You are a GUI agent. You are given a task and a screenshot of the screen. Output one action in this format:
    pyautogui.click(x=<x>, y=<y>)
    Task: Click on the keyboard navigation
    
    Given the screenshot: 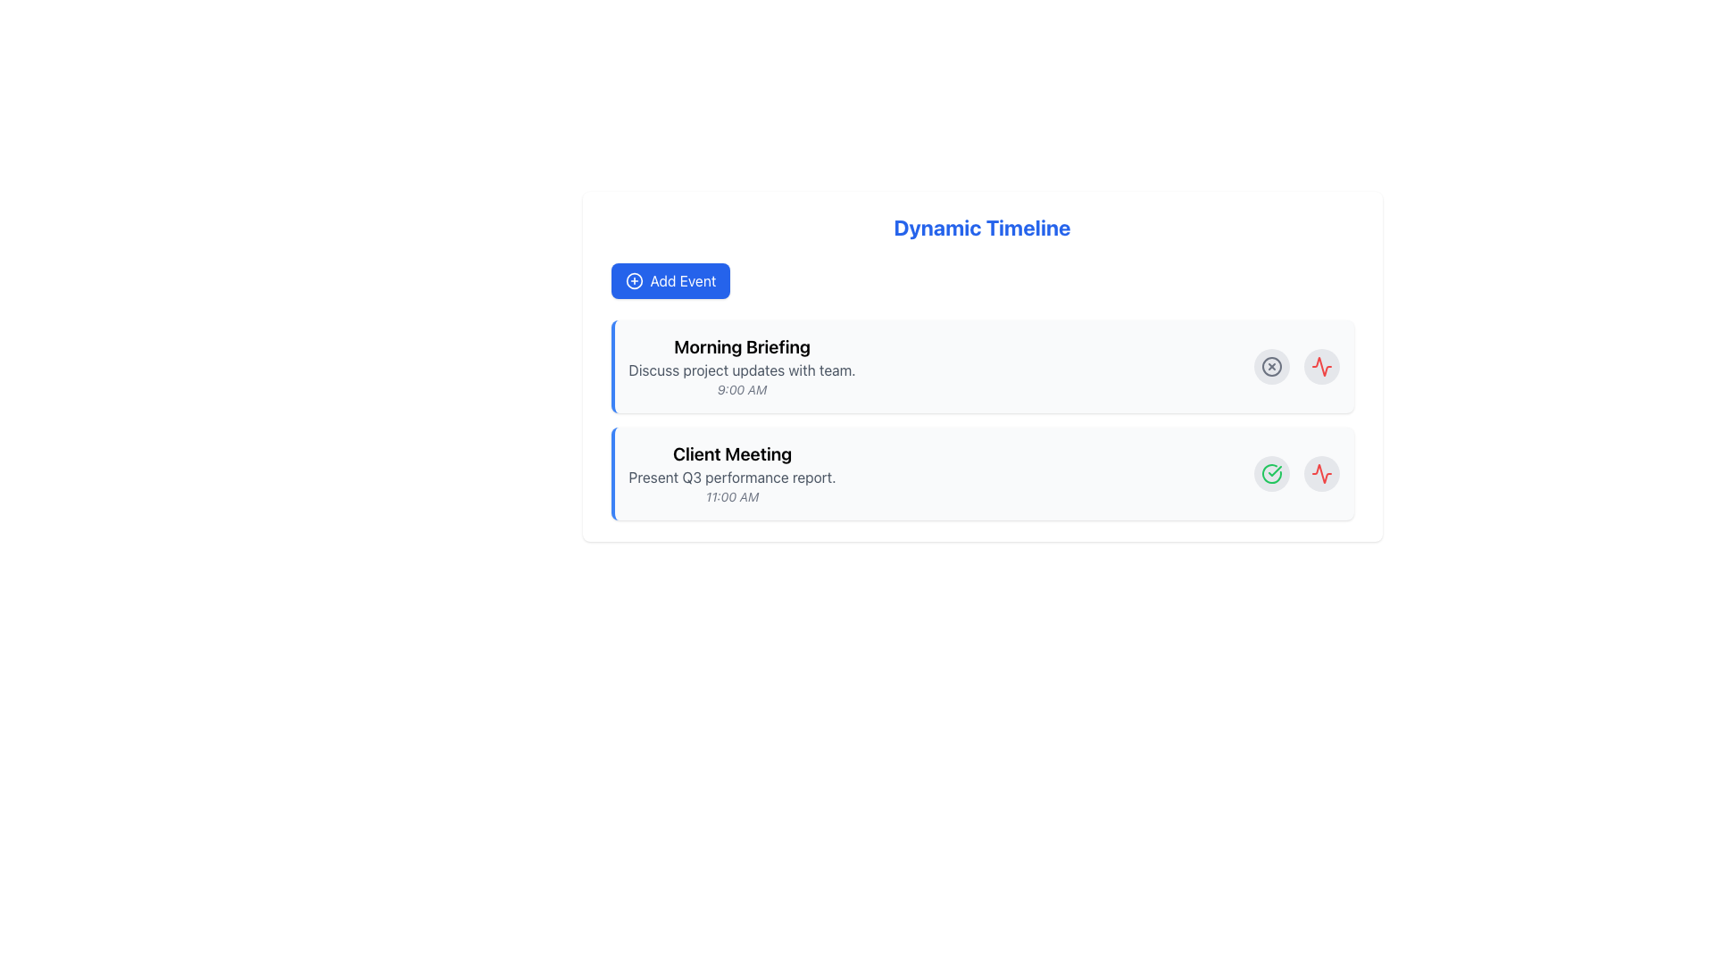 What is the action you would take?
    pyautogui.click(x=670, y=281)
    